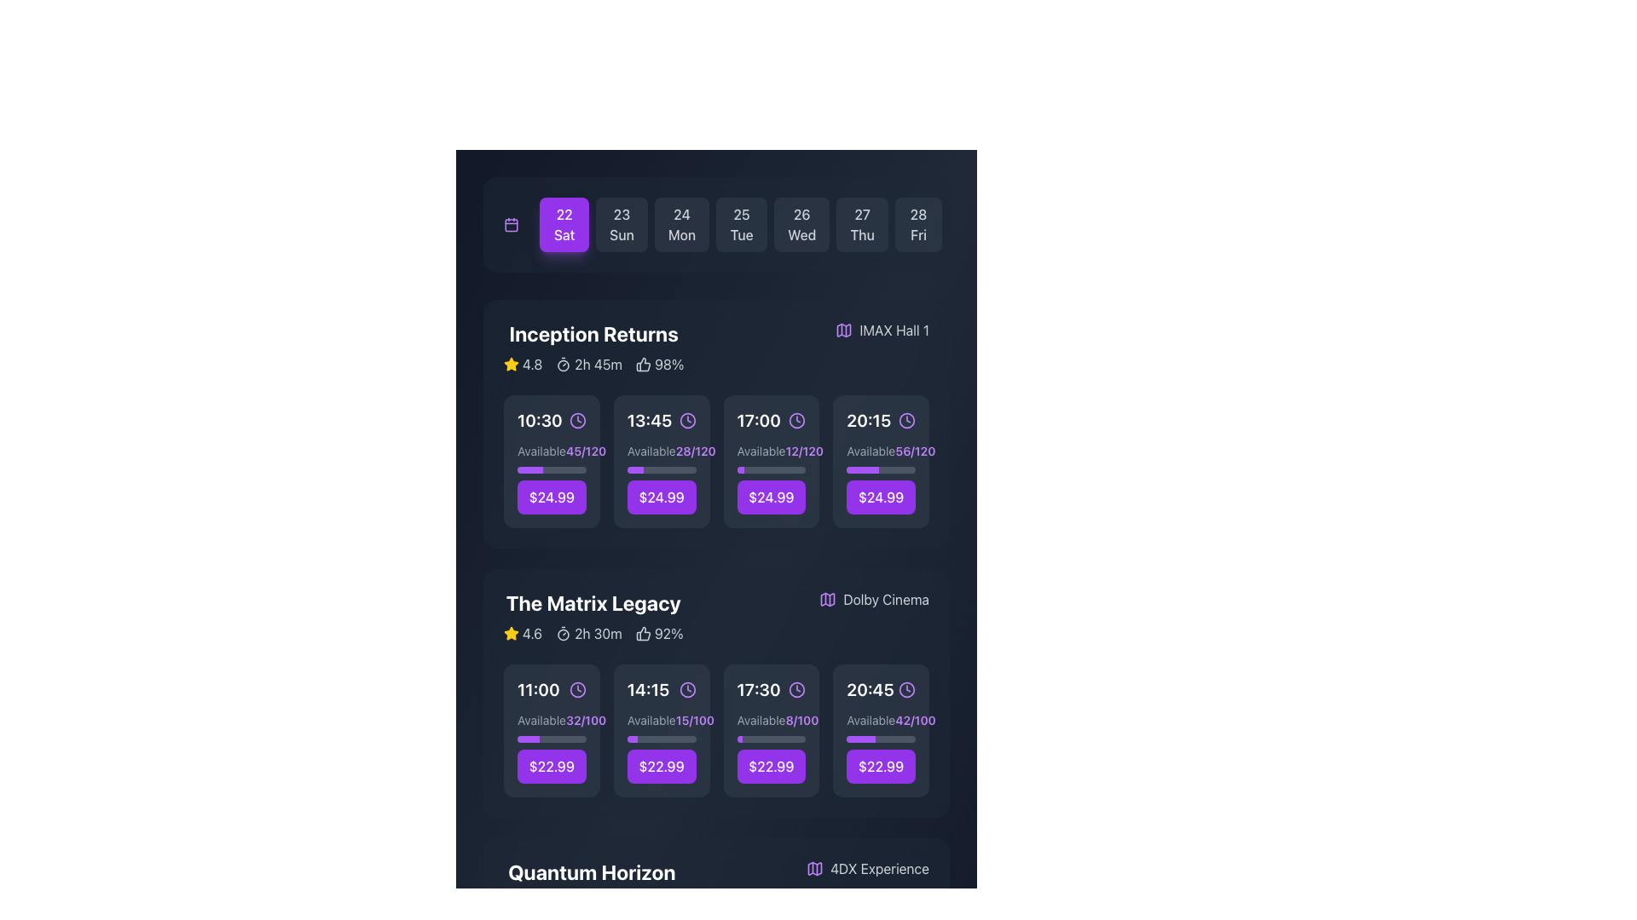  Describe the element at coordinates (541, 720) in the screenshot. I see `the text label that displays 'Available' in gray font, located above the progress bar in the movie showing slot interface` at that location.